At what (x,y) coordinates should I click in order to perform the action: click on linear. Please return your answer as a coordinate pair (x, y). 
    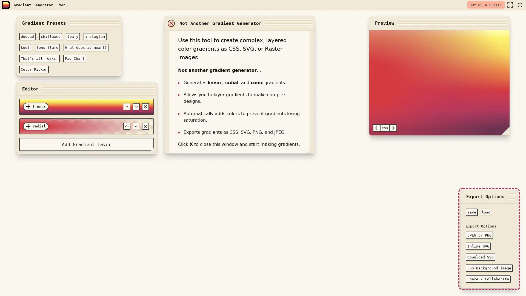
    Looking at the image, I should click on (35, 107).